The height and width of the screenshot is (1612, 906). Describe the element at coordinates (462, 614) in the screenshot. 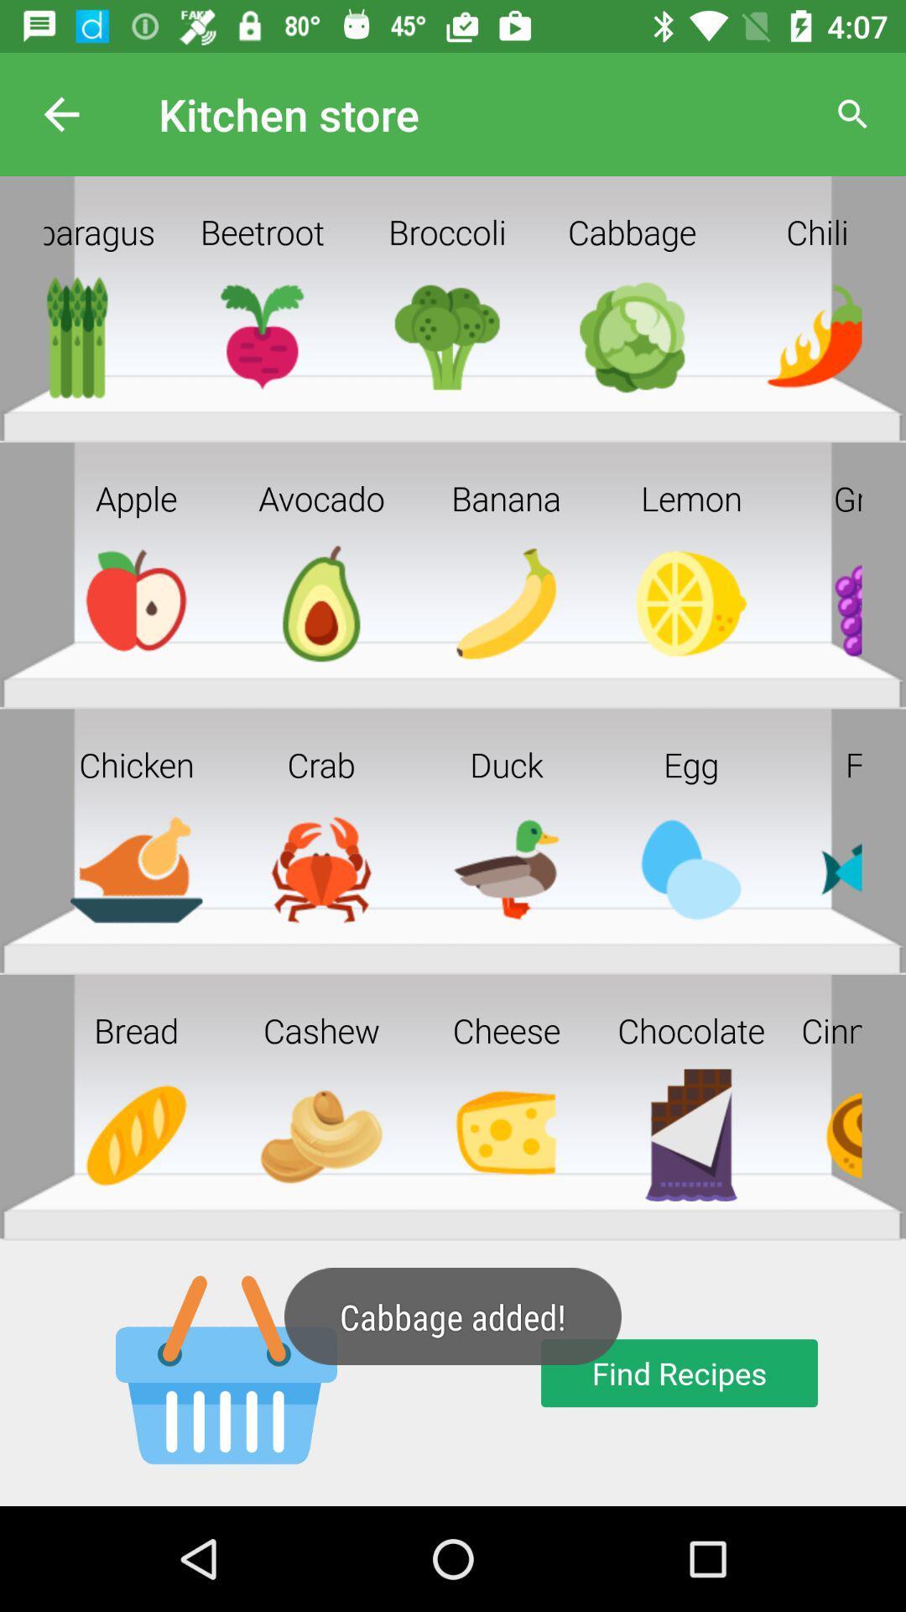

I see `the image below banana in the second row` at that location.